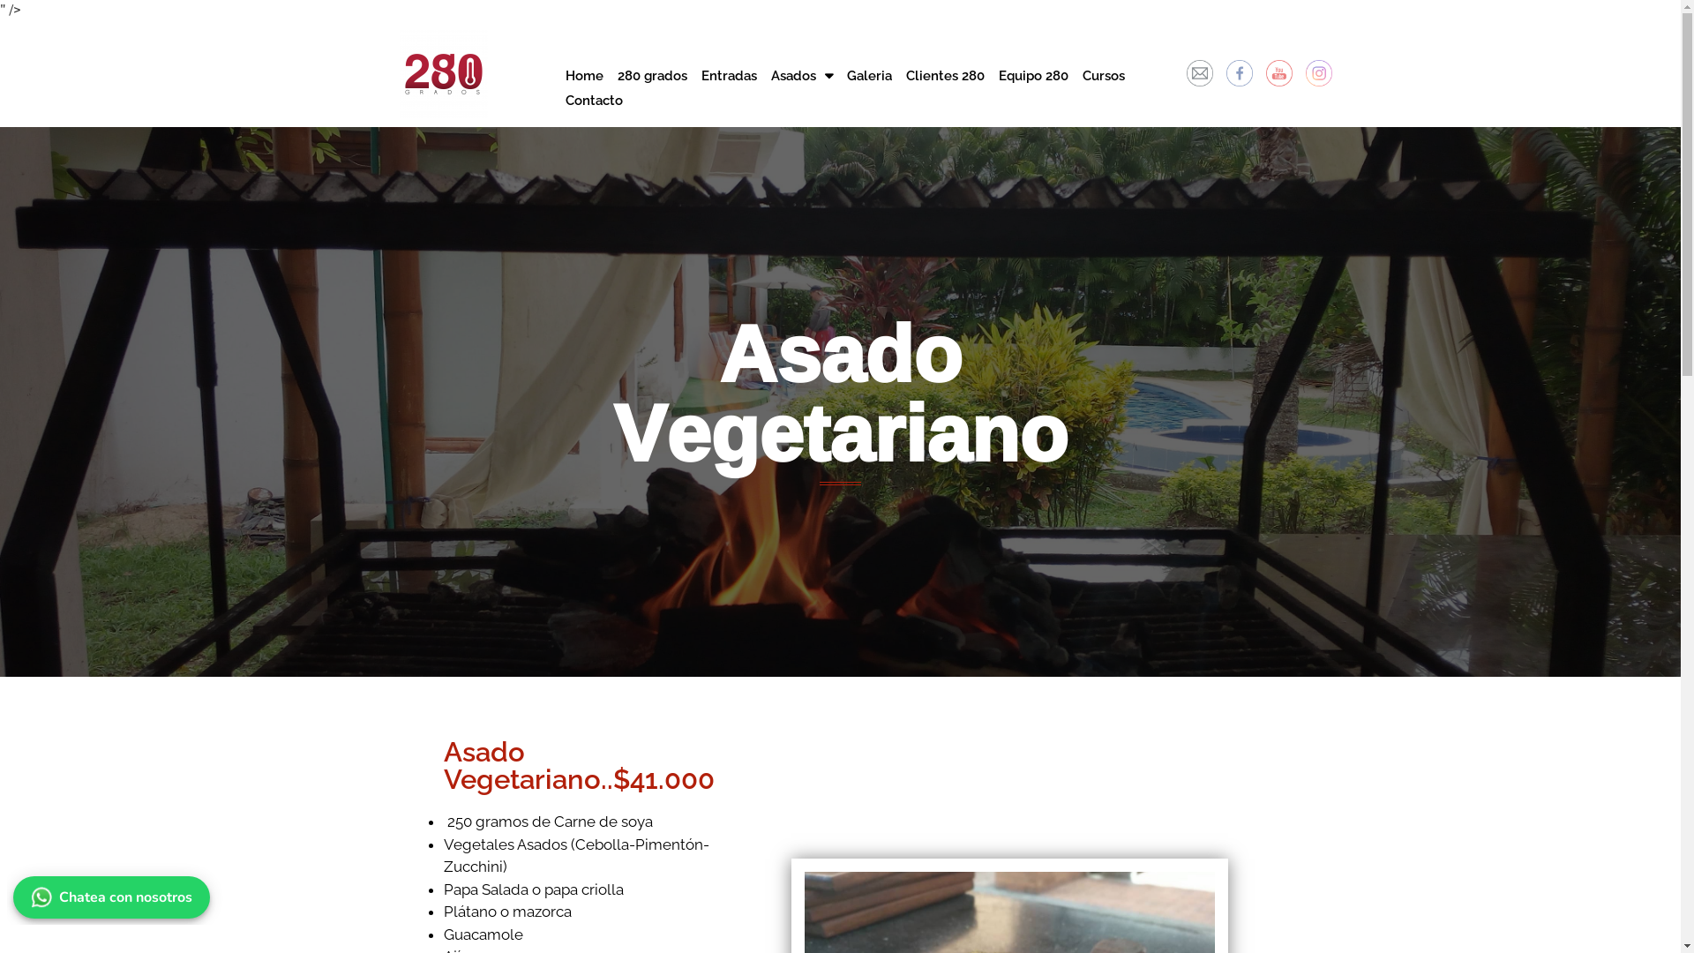 This screenshot has width=1694, height=953. I want to click on 'Asados', so click(800, 74).